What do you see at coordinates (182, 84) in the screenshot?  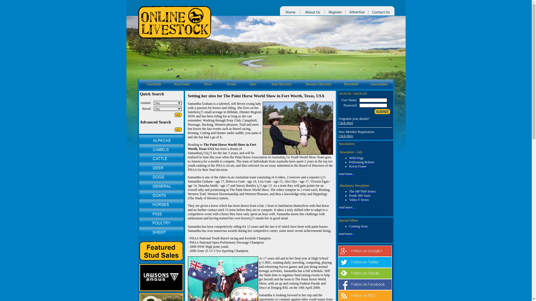 I see `'Real Estate'` at bounding box center [182, 84].